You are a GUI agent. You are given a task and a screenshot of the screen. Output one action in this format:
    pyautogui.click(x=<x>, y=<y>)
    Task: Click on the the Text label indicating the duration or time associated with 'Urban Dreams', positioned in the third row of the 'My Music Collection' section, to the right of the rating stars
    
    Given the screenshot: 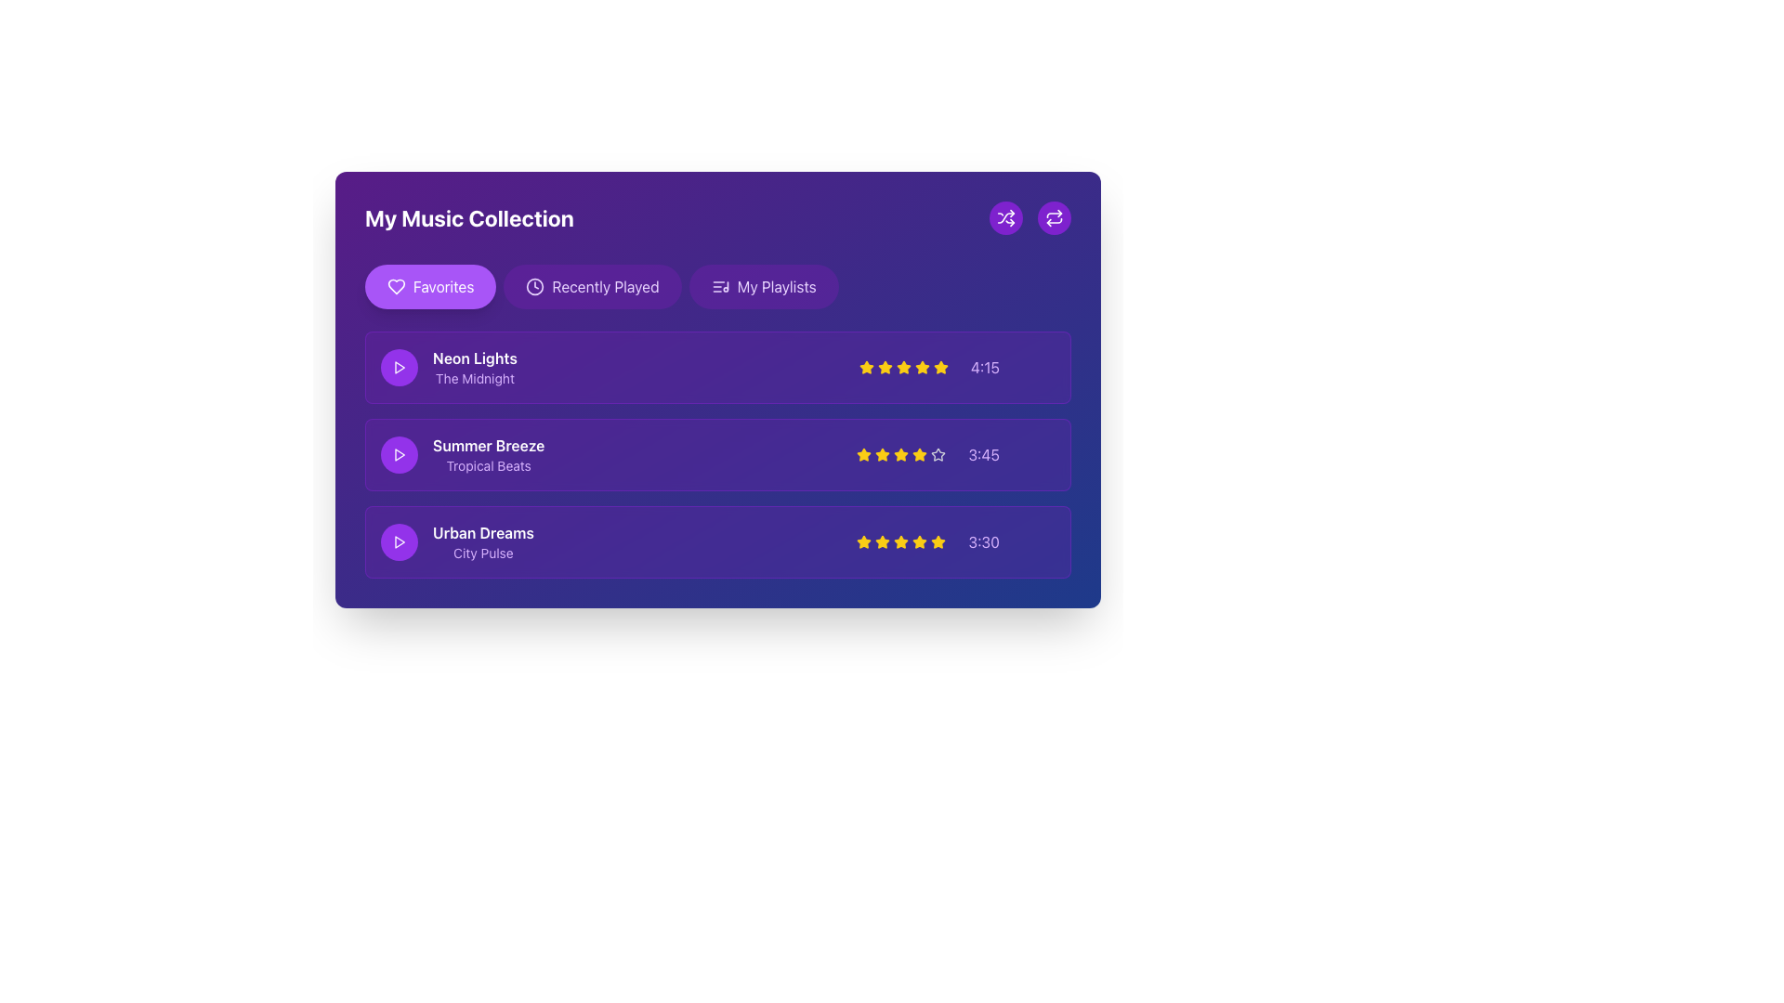 What is the action you would take?
    pyautogui.click(x=983, y=541)
    